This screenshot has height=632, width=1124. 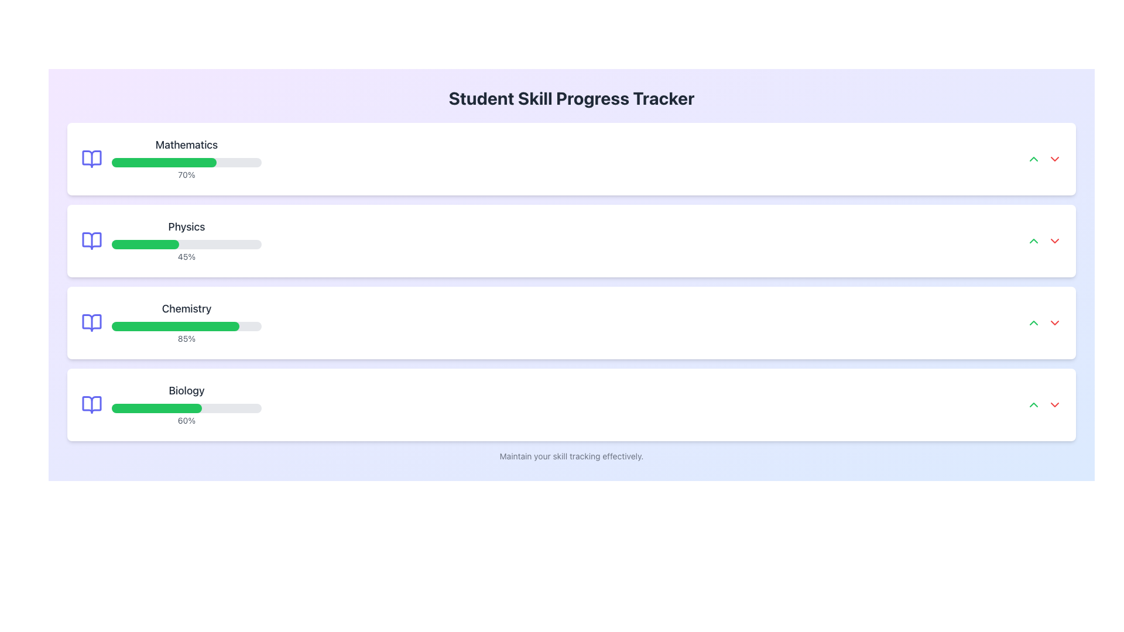 I want to click on text from the heading label in the Physics skill tracking card, which is located second from the top and appears above a progress bar and percentage indicator, so click(x=186, y=227).